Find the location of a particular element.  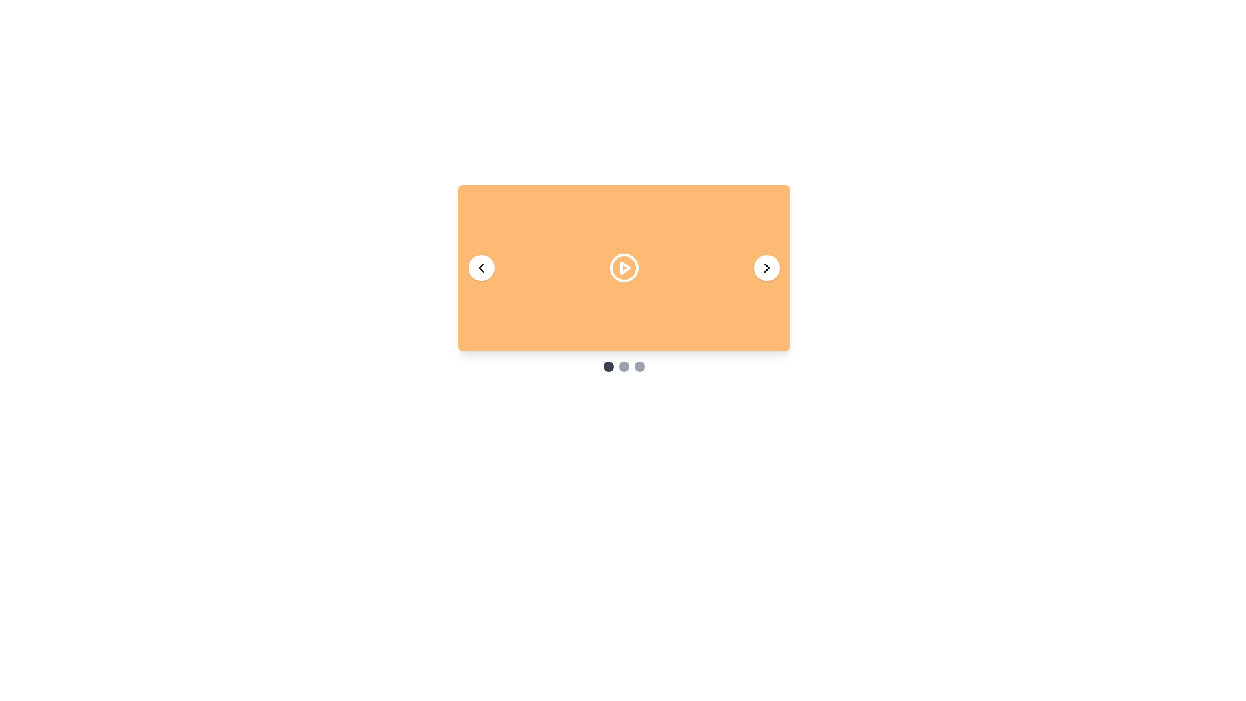

the third dot-style navigation button located below the large orange panel is located at coordinates (639, 366).